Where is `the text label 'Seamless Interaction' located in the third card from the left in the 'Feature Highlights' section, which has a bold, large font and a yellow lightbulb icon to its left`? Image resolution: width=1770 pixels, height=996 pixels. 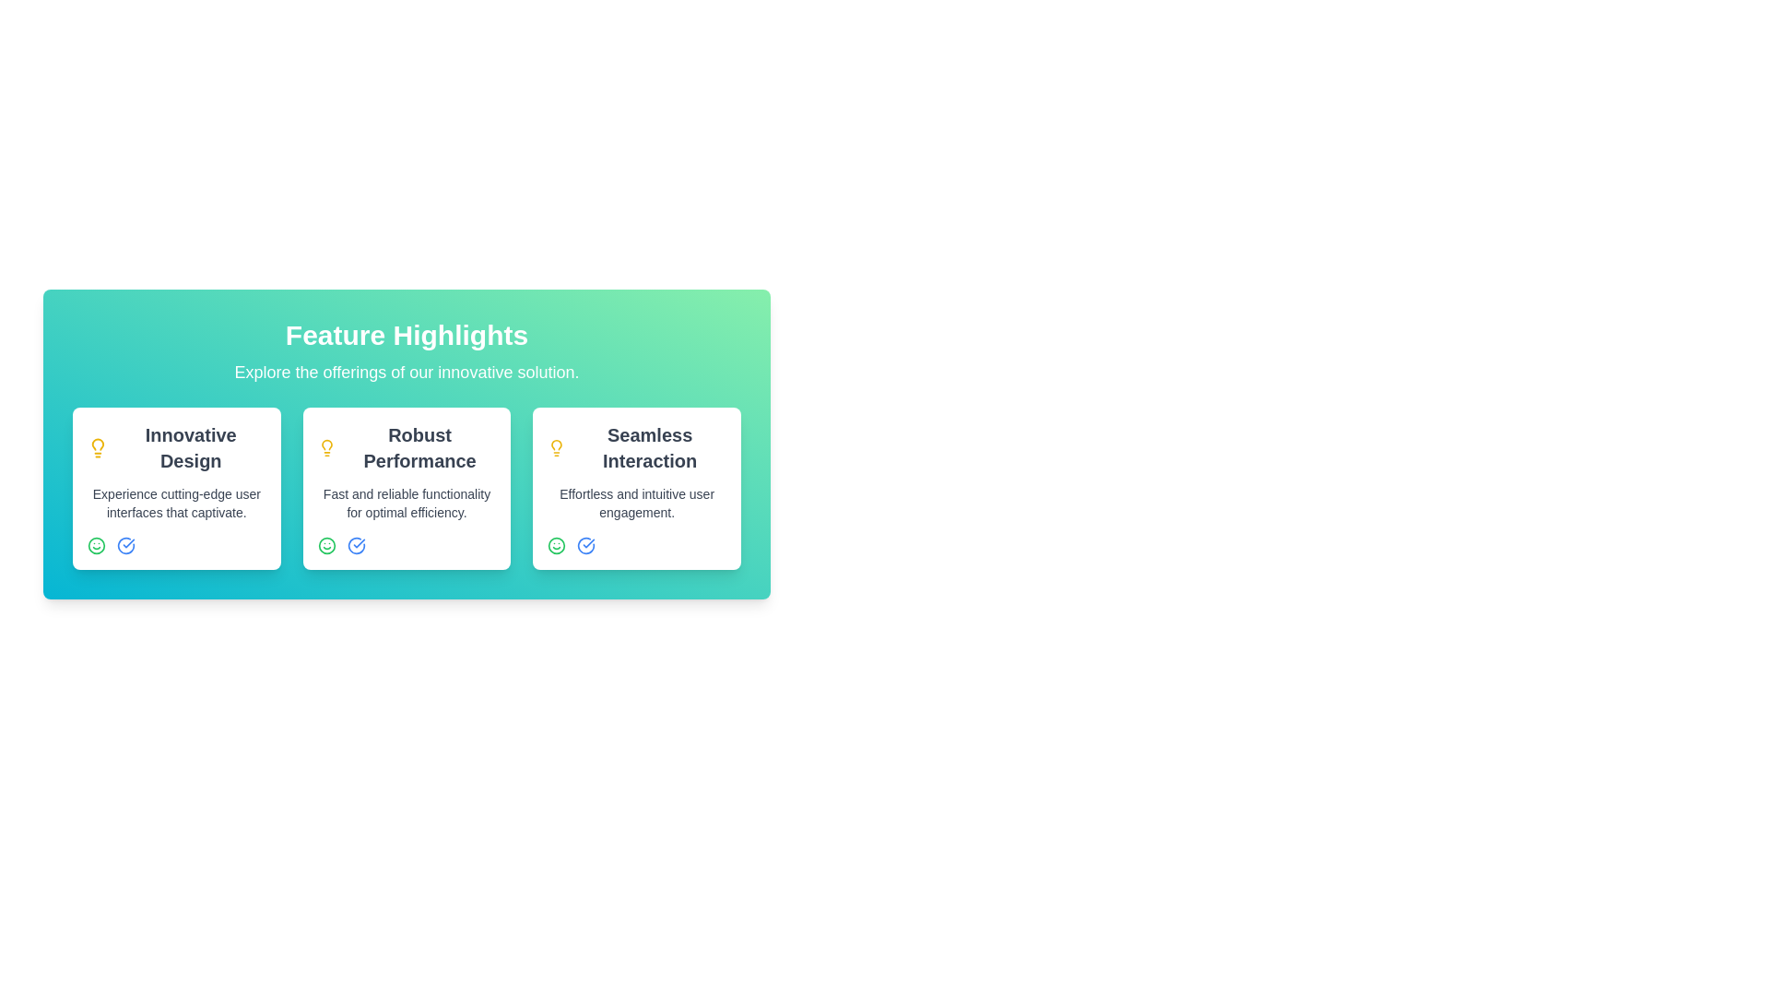 the text label 'Seamless Interaction' located in the third card from the left in the 'Feature Highlights' section, which has a bold, large font and a yellow lightbulb icon to its left is located at coordinates (637, 448).